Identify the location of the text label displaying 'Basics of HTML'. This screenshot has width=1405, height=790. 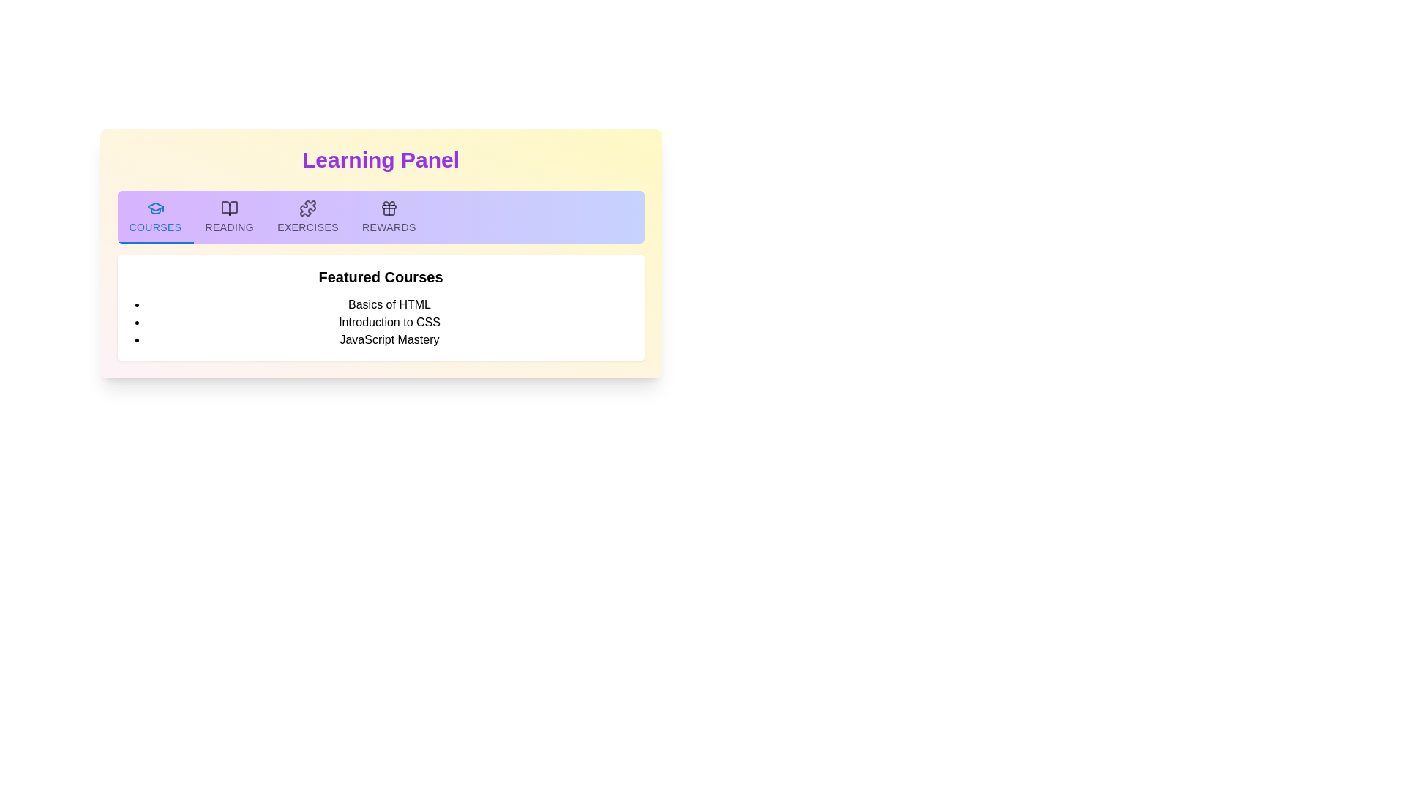
(389, 304).